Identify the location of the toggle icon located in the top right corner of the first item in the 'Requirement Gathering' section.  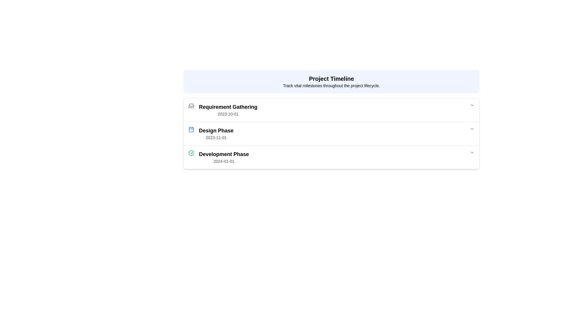
(472, 105).